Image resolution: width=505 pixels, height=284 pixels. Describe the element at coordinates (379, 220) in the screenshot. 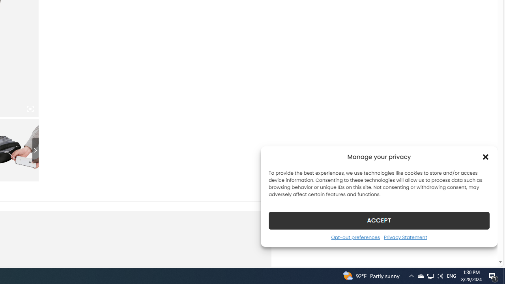

I see `'ACCEPT'` at that location.